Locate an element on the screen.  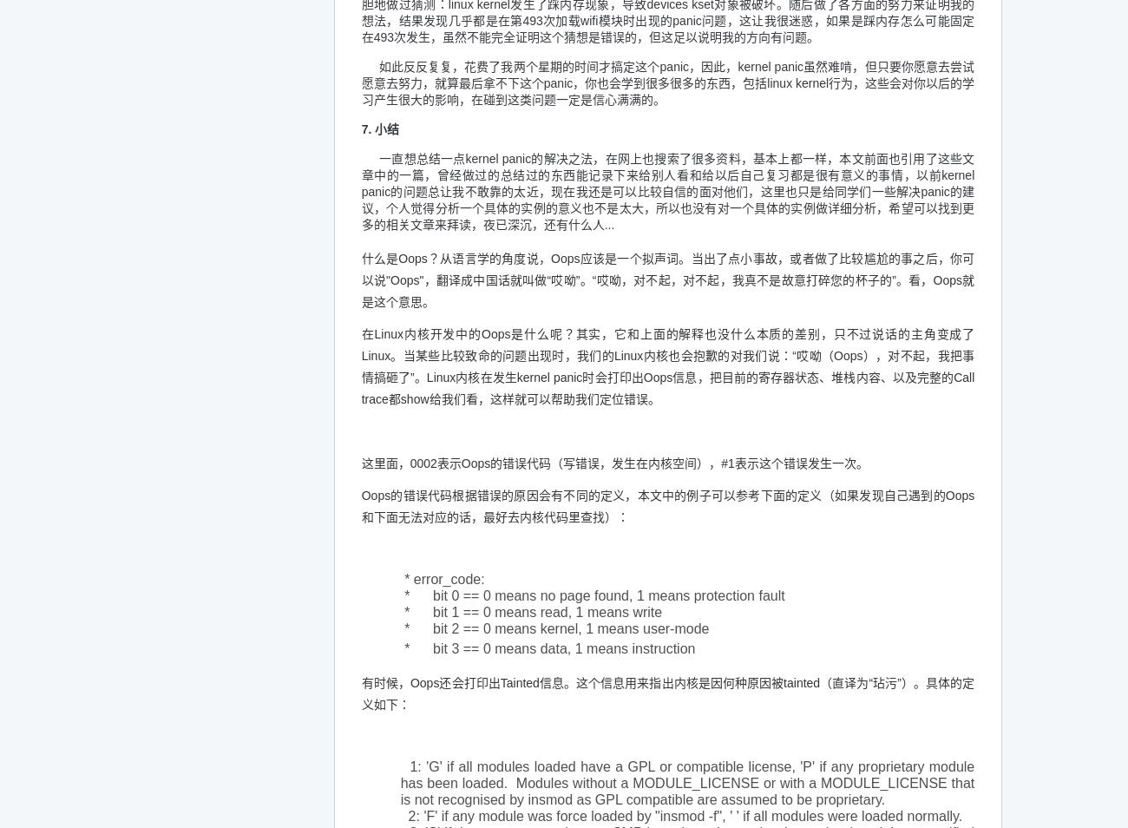
'一直想总结一点kernel panic的解决之法，在网上也搜索了很多资料，基本上都一样，本文前面也引用了这些文章中的一篇，曾经做过的总结过的东西能记录下来给别人看和给以后自己复习都是很有意义的事情，以前kernel panic的问题总让我不敢靠的太近，现在我还是可以比较自信的面对他们，这里也只是给同学们一些解决panic的建议，' is located at coordinates (666, 182).